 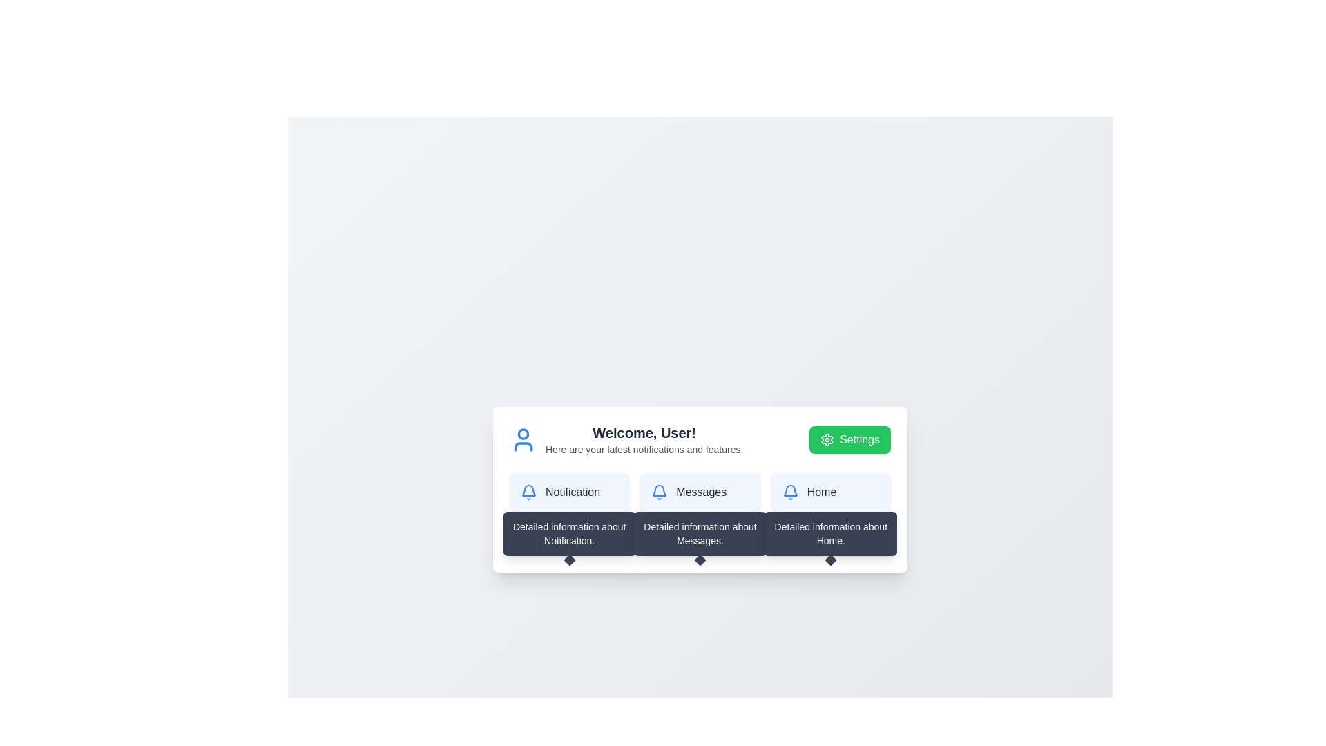 What do you see at coordinates (700, 533) in the screenshot?
I see `the tooltip displaying 'Detailed information about Messages.' which has a dark gray background and white text, located centrally below the 'Messages' section` at bounding box center [700, 533].